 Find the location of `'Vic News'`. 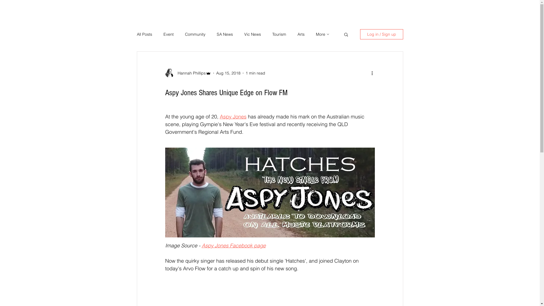

'Vic News' is located at coordinates (252, 34).